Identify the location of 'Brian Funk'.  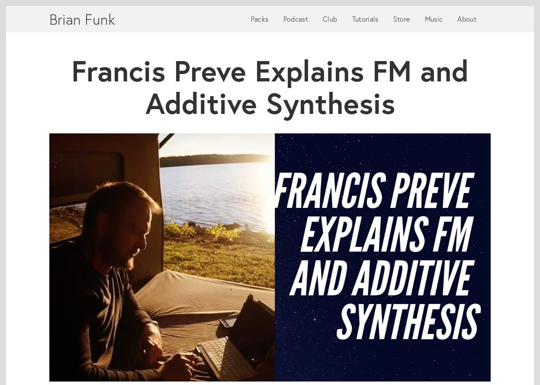
(49, 19).